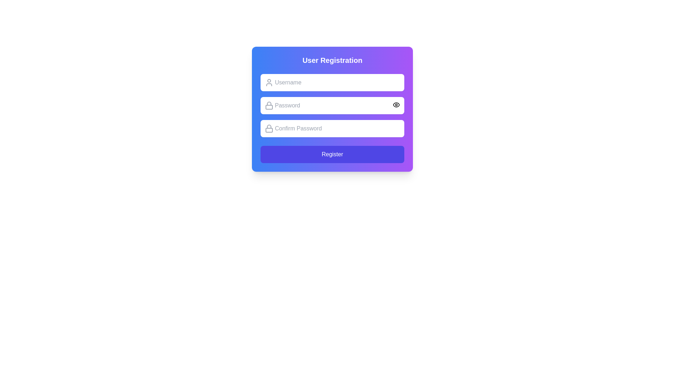  Describe the element at coordinates (268, 128) in the screenshot. I see `the icon that represents the password confirmation input field, located at the top-left corner adjacent to the 'Confirm Password' input field` at that location.